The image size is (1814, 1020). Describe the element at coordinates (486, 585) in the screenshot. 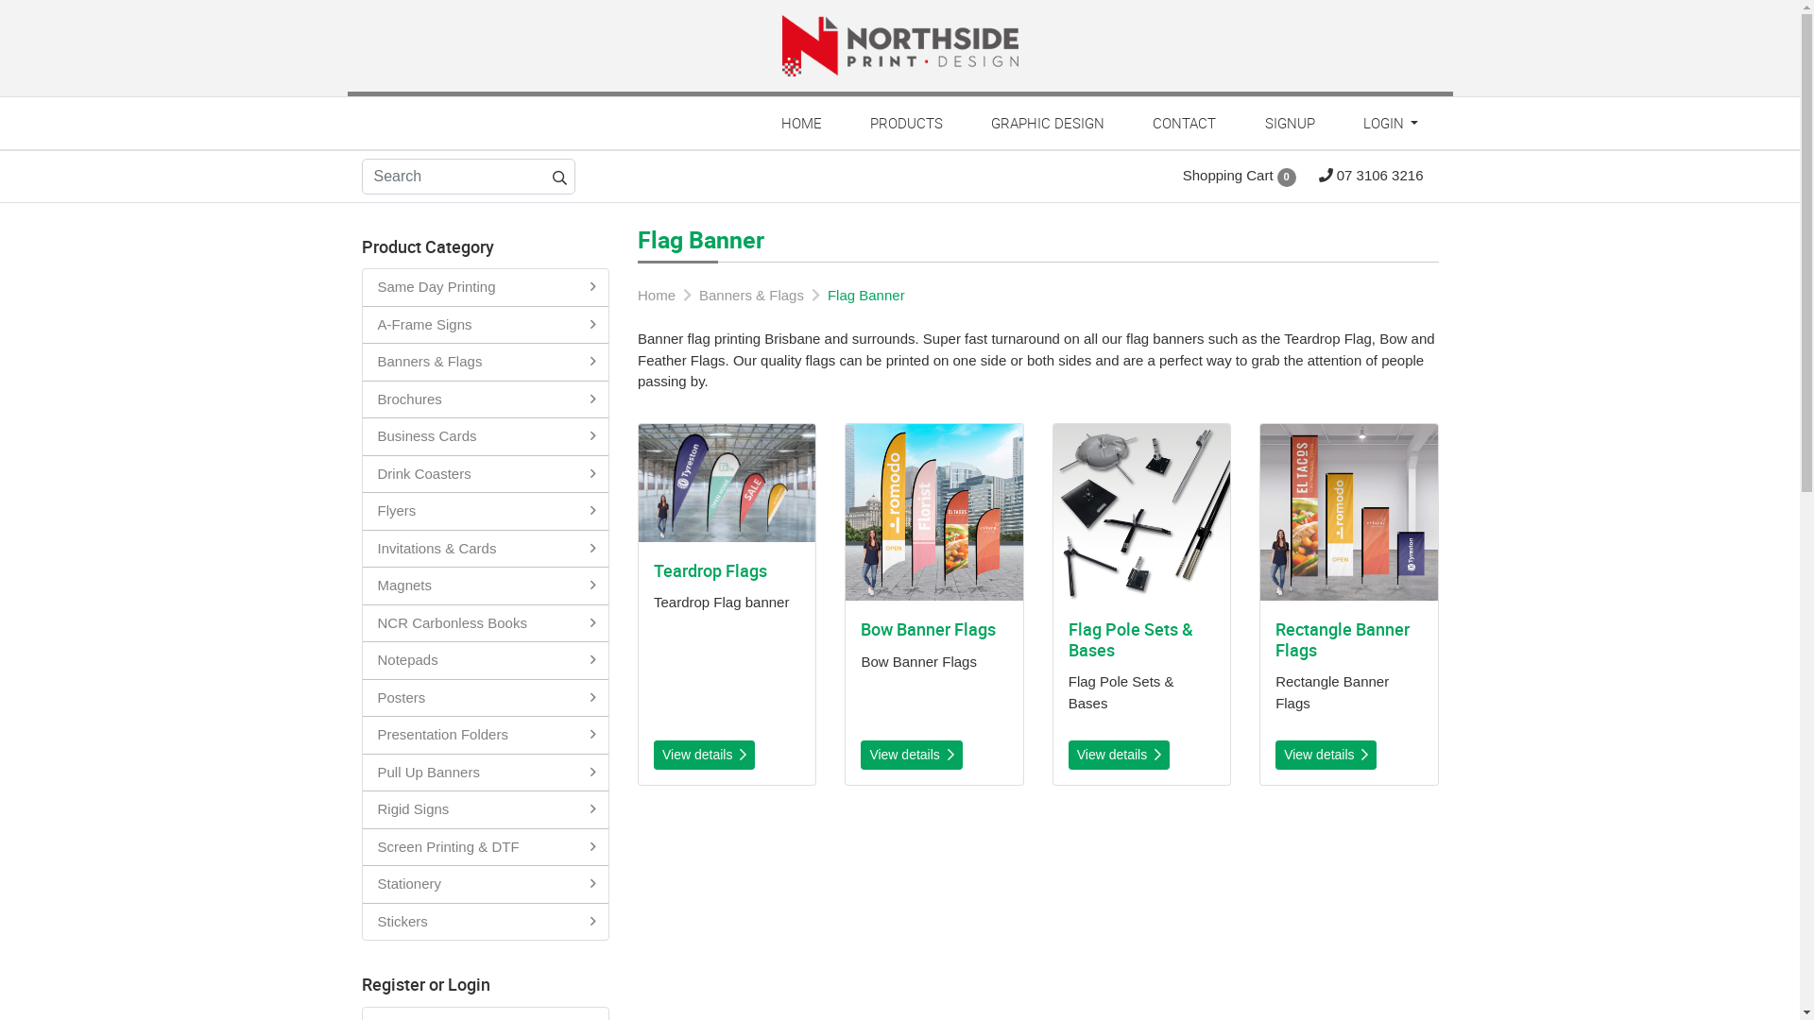

I see `'Magnets'` at that location.